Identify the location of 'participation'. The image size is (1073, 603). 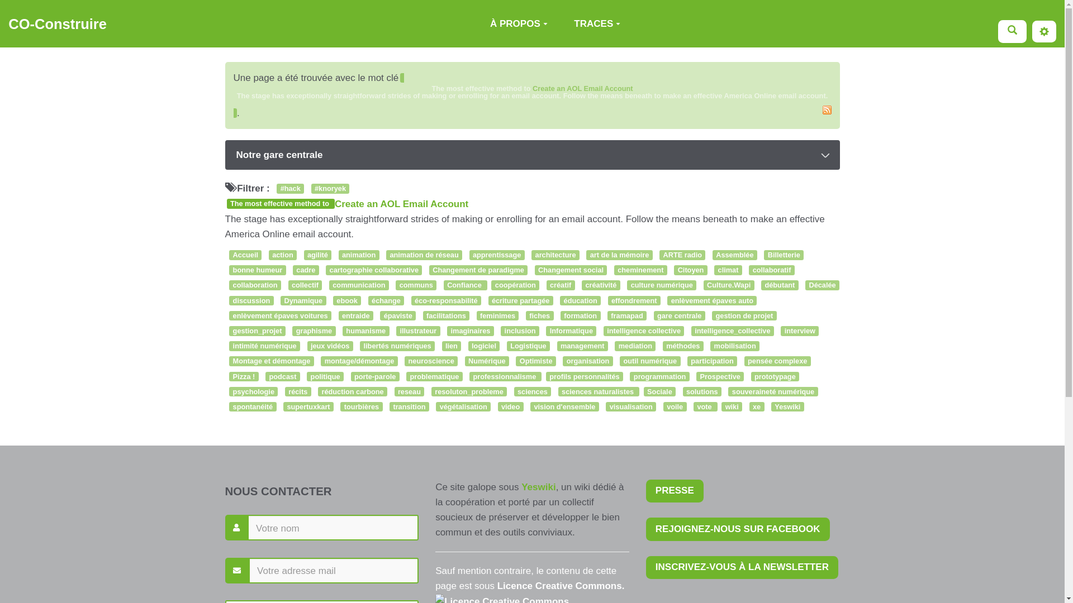
(686, 361).